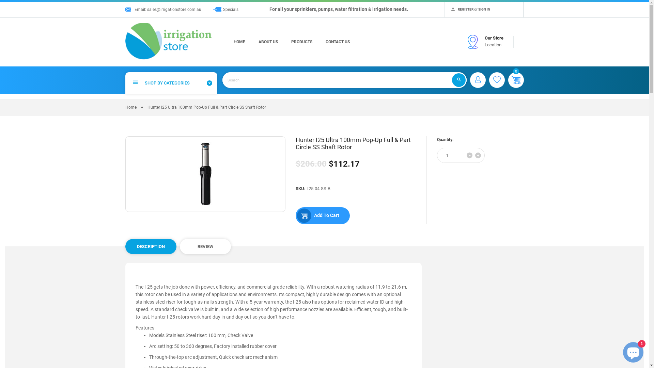 This screenshot has height=368, width=654. Describe the element at coordinates (301, 42) in the screenshot. I see `'PRODUCTS'` at that location.